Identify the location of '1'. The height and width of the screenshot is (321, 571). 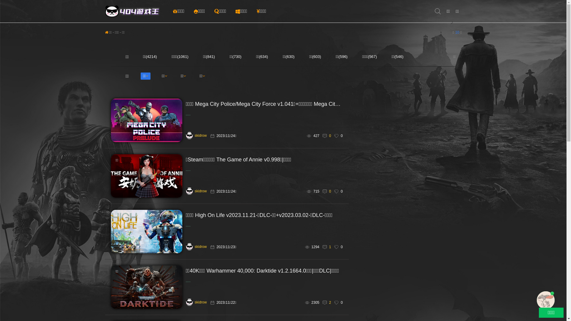
(330, 247).